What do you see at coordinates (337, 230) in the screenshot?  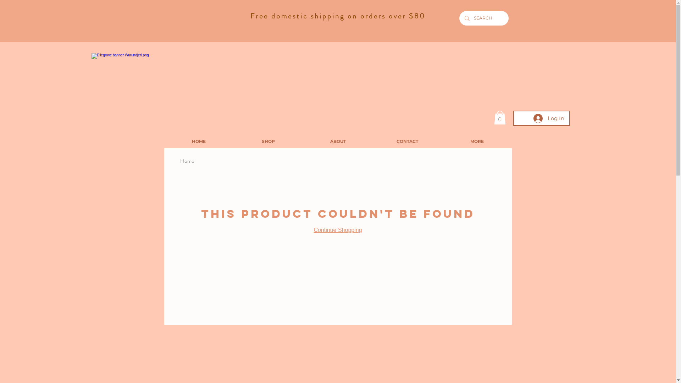 I see `'Continue Shopping'` at bounding box center [337, 230].